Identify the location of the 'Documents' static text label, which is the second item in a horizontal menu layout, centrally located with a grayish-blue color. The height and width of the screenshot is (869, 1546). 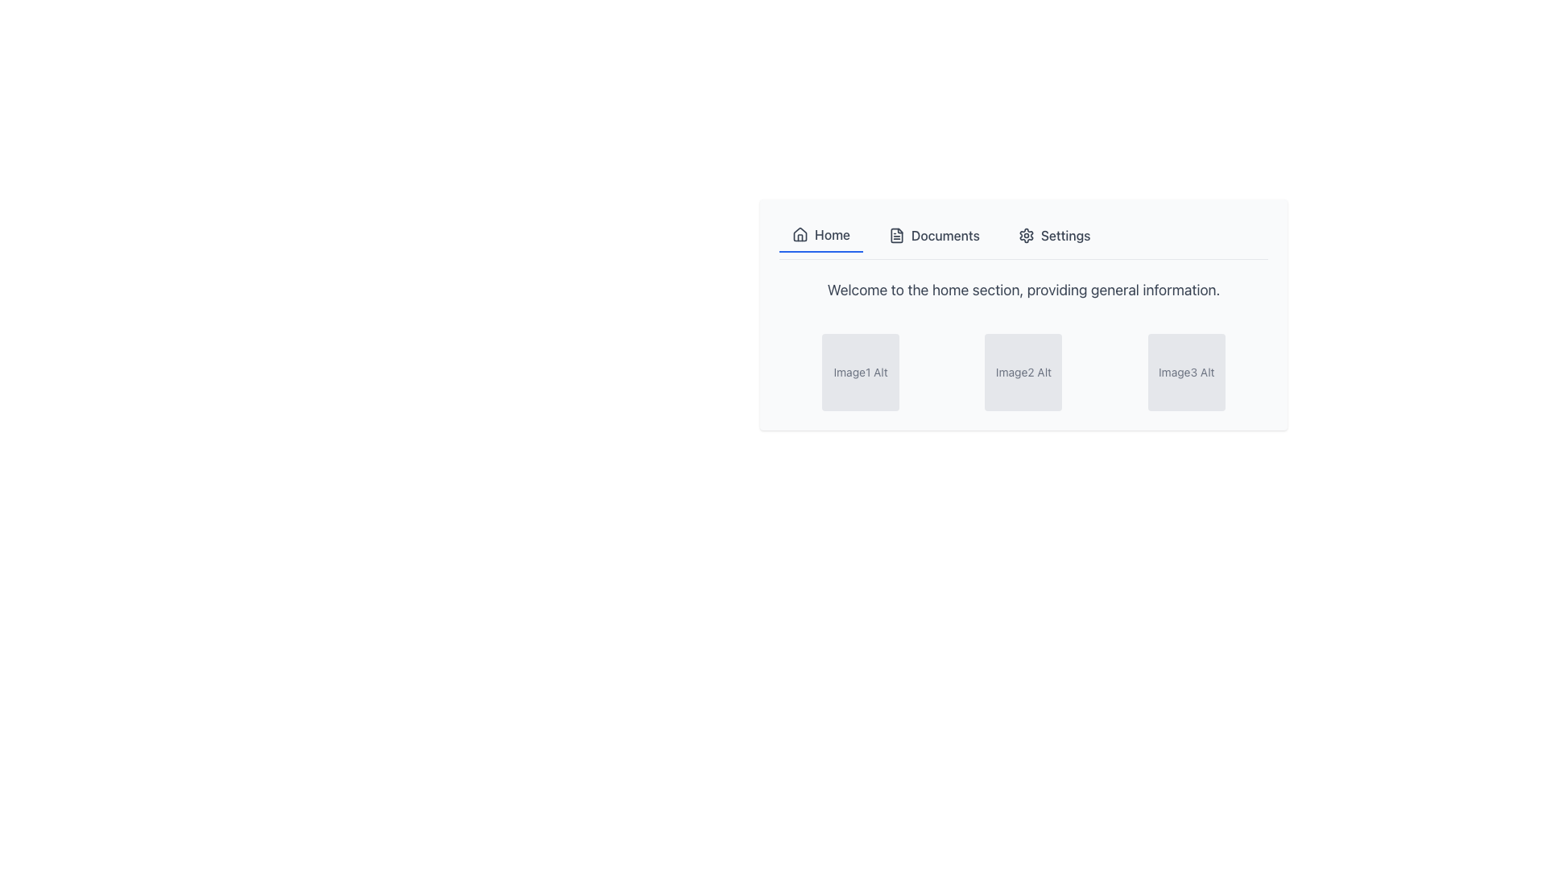
(945, 236).